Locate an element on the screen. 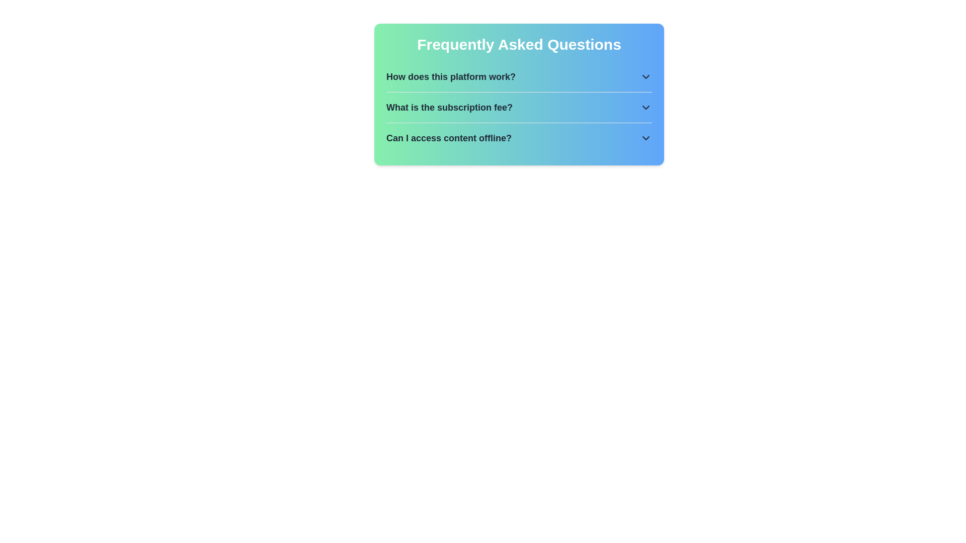 Image resolution: width=966 pixels, height=543 pixels. the Interactive FAQ list item displaying the question 'What is the subscription fee?' for keyboard navigation is located at coordinates (519, 107).